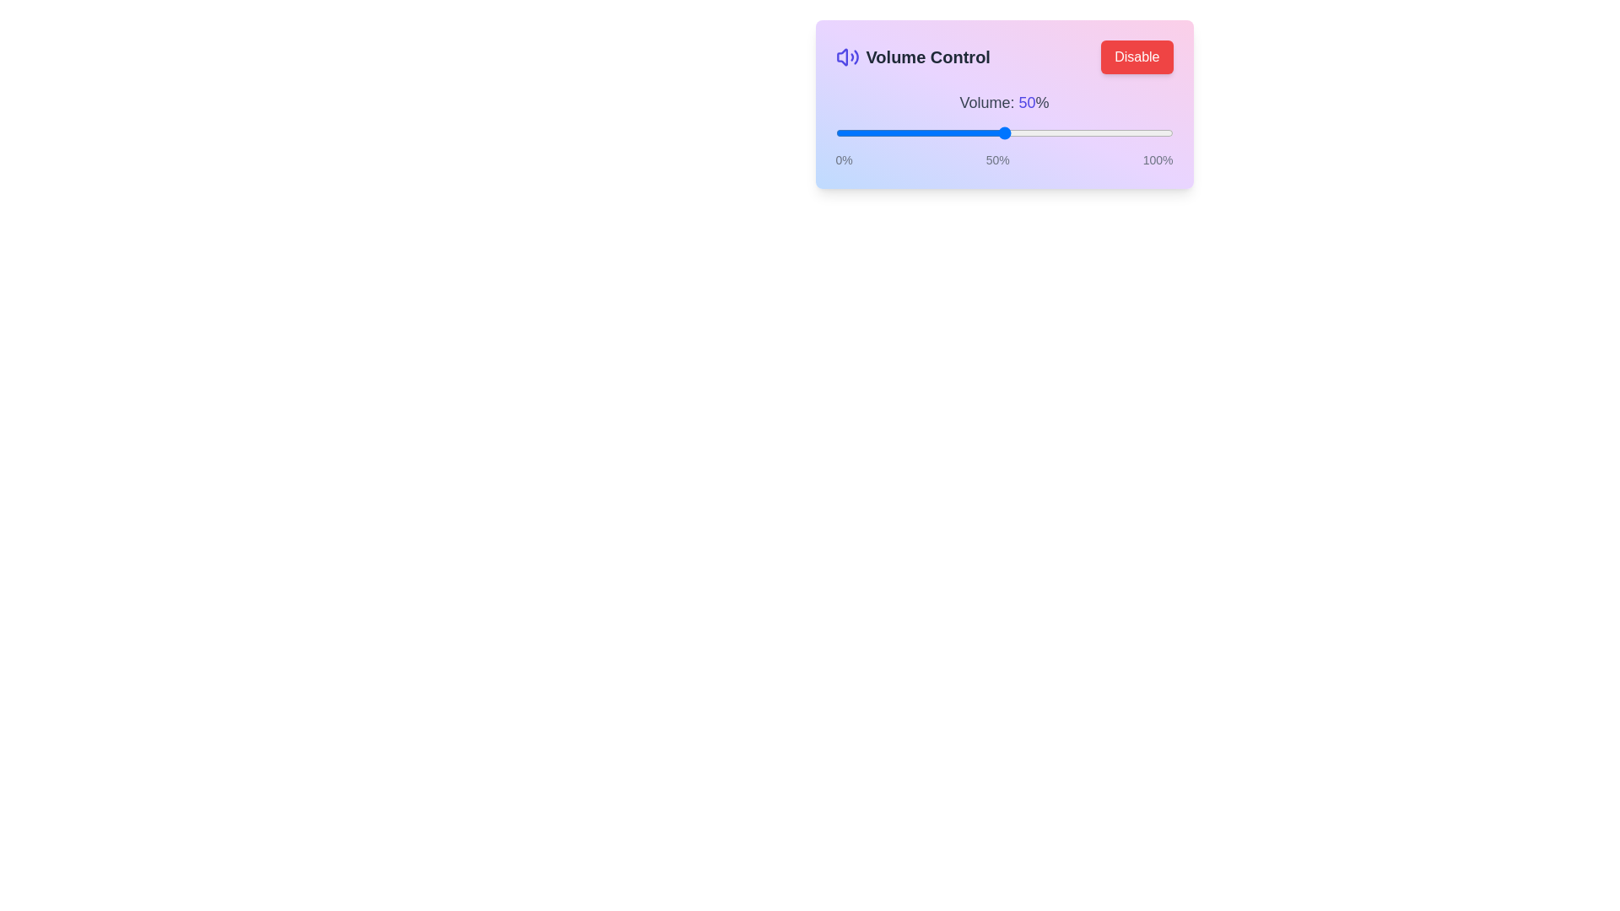  I want to click on the volume control slider, which is styled in blue and white with labeled percentages (0%, 50%, 100%), so click(1004, 129).